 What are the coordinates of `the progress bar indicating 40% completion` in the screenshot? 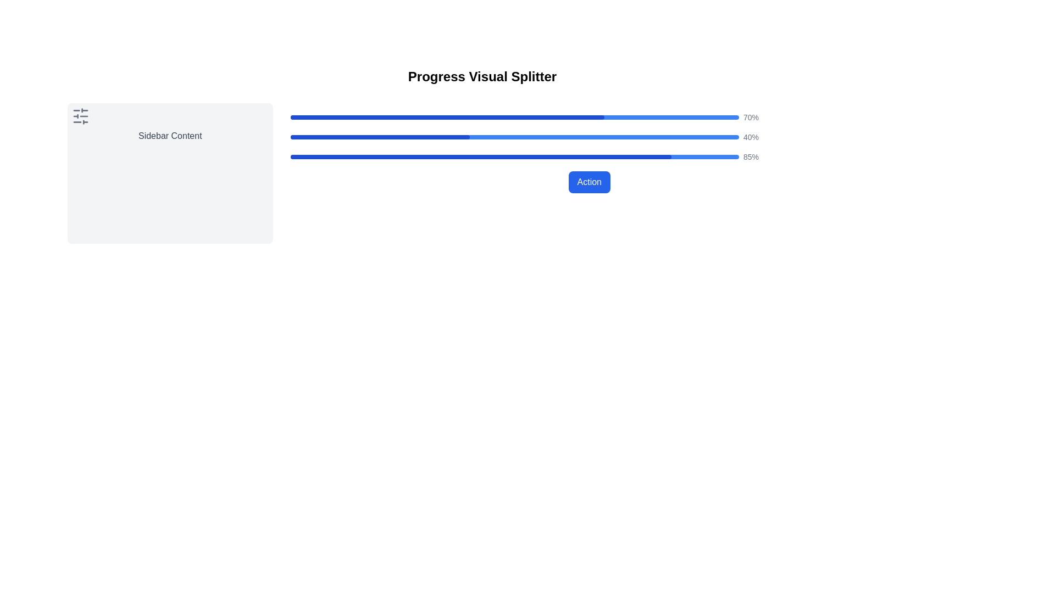 It's located at (514, 137).